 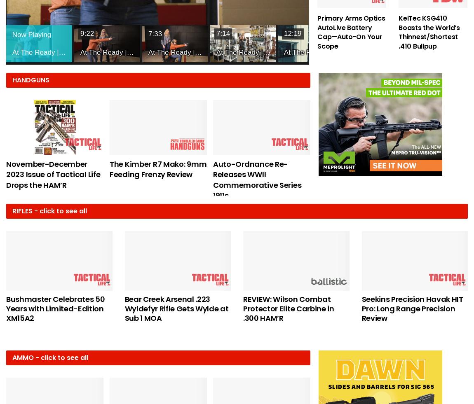 I want to click on 'Auto-Ordnance Re-Releases WWII Commemorative Series 1911s', so click(x=213, y=179).